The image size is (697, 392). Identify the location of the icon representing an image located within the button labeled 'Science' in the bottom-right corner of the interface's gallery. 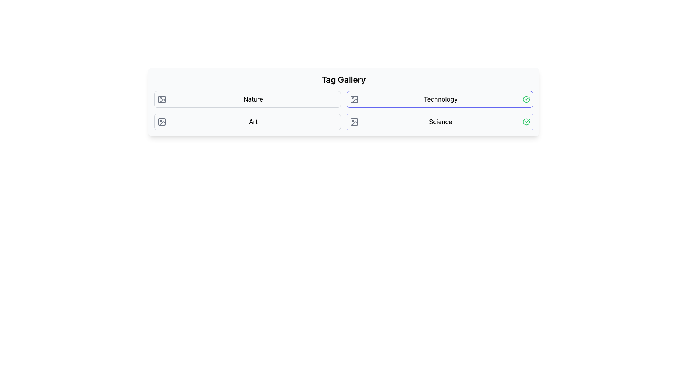
(354, 121).